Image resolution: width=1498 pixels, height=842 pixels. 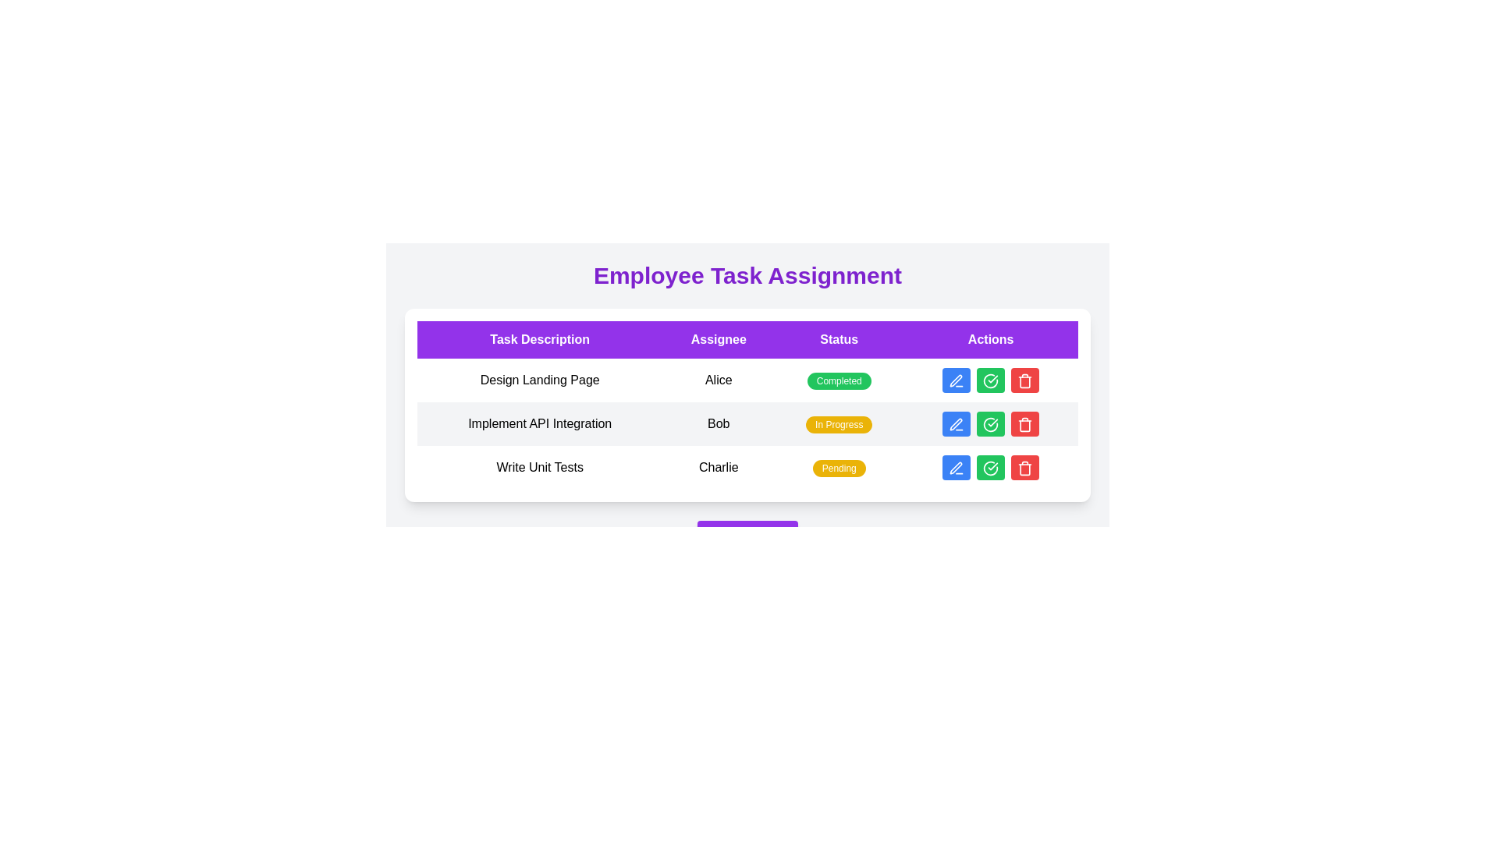 I want to click on the green circular checkmark icon within the button group in the second row of the 'Actions' column, so click(x=990, y=423).